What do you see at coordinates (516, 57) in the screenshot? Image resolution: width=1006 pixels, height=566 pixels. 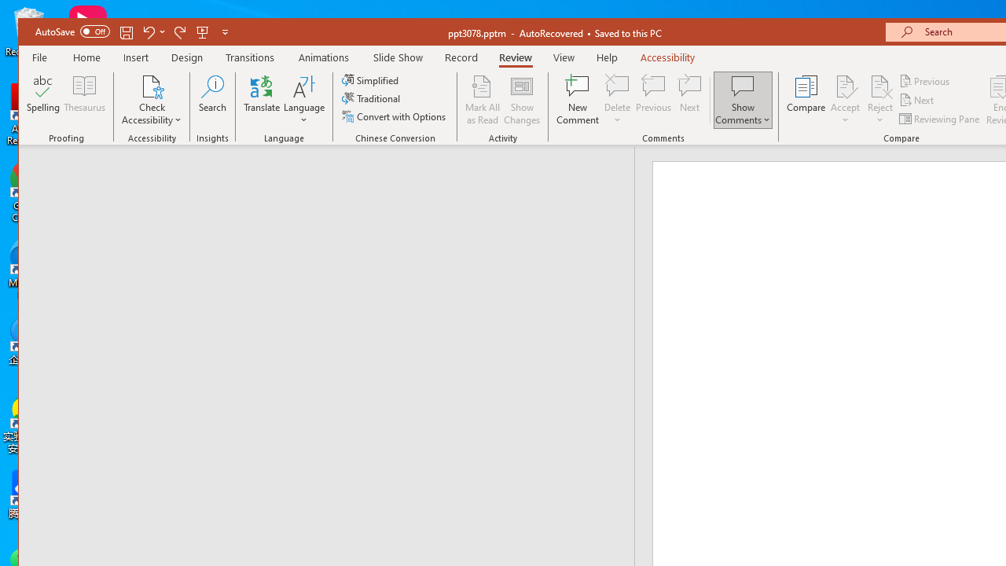 I see `'Review'` at bounding box center [516, 57].